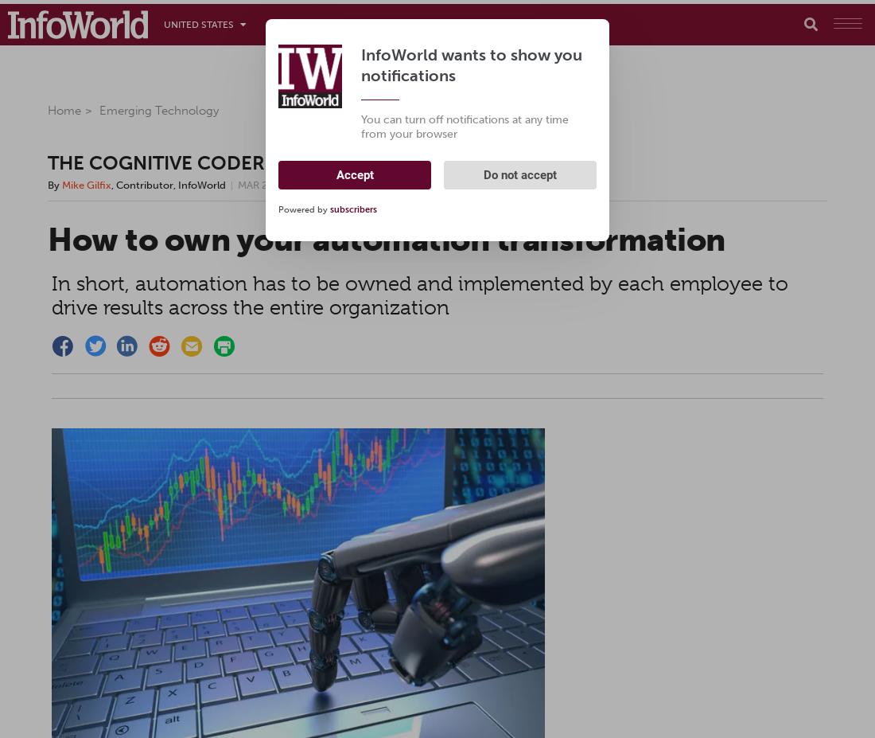 Image resolution: width=875 pixels, height=738 pixels. Describe the element at coordinates (472, 24) in the screenshot. I see `'App Dev'` at that location.